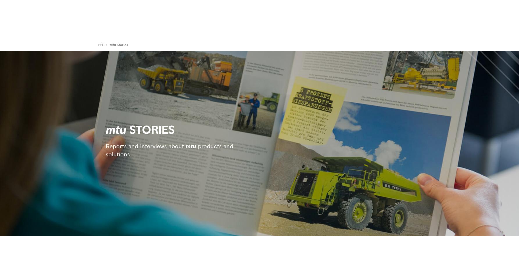  What do you see at coordinates (169, 32) in the screenshot?
I see `'Power Generation'` at bounding box center [169, 32].